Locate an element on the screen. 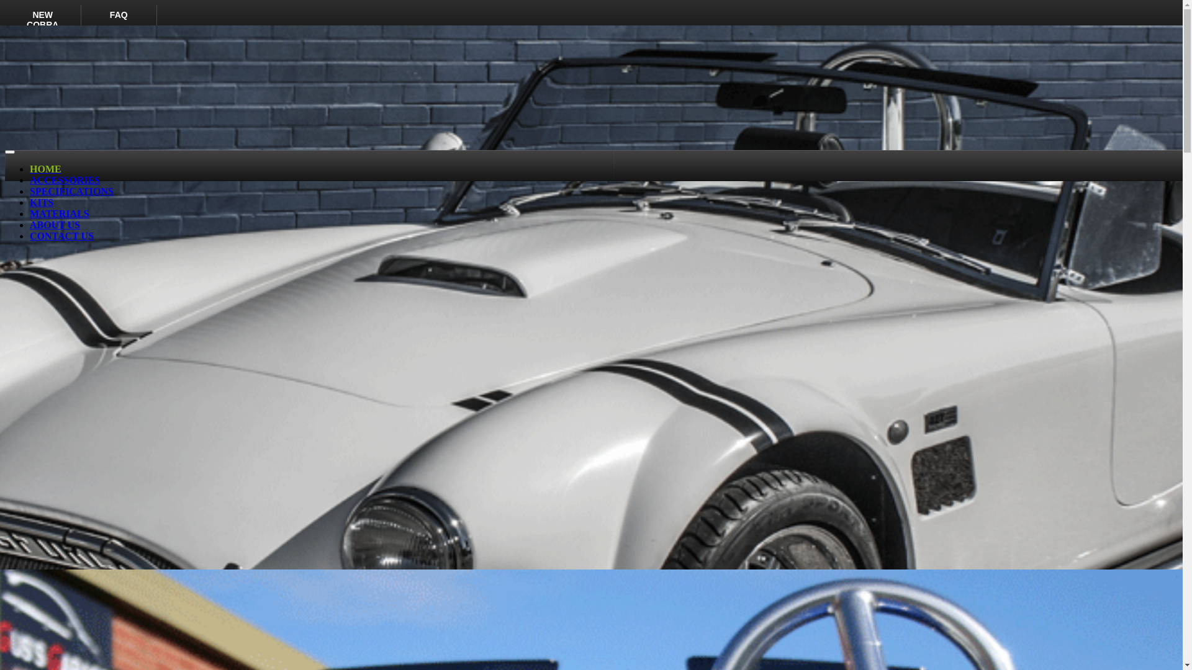  'KITS' is located at coordinates (30, 202).